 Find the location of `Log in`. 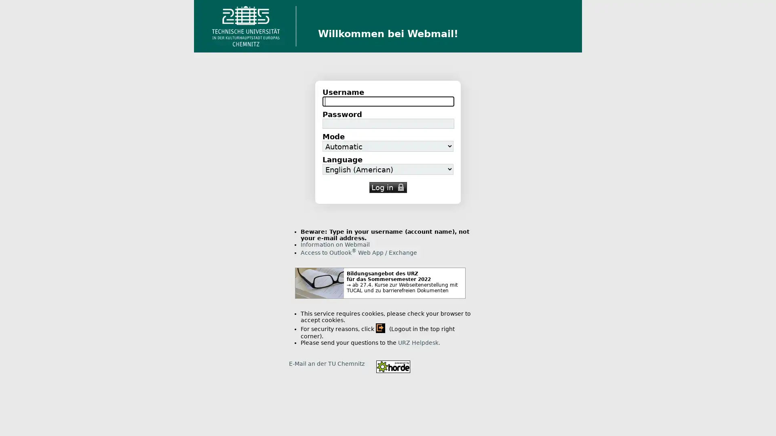

Log in is located at coordinates (387, 187).